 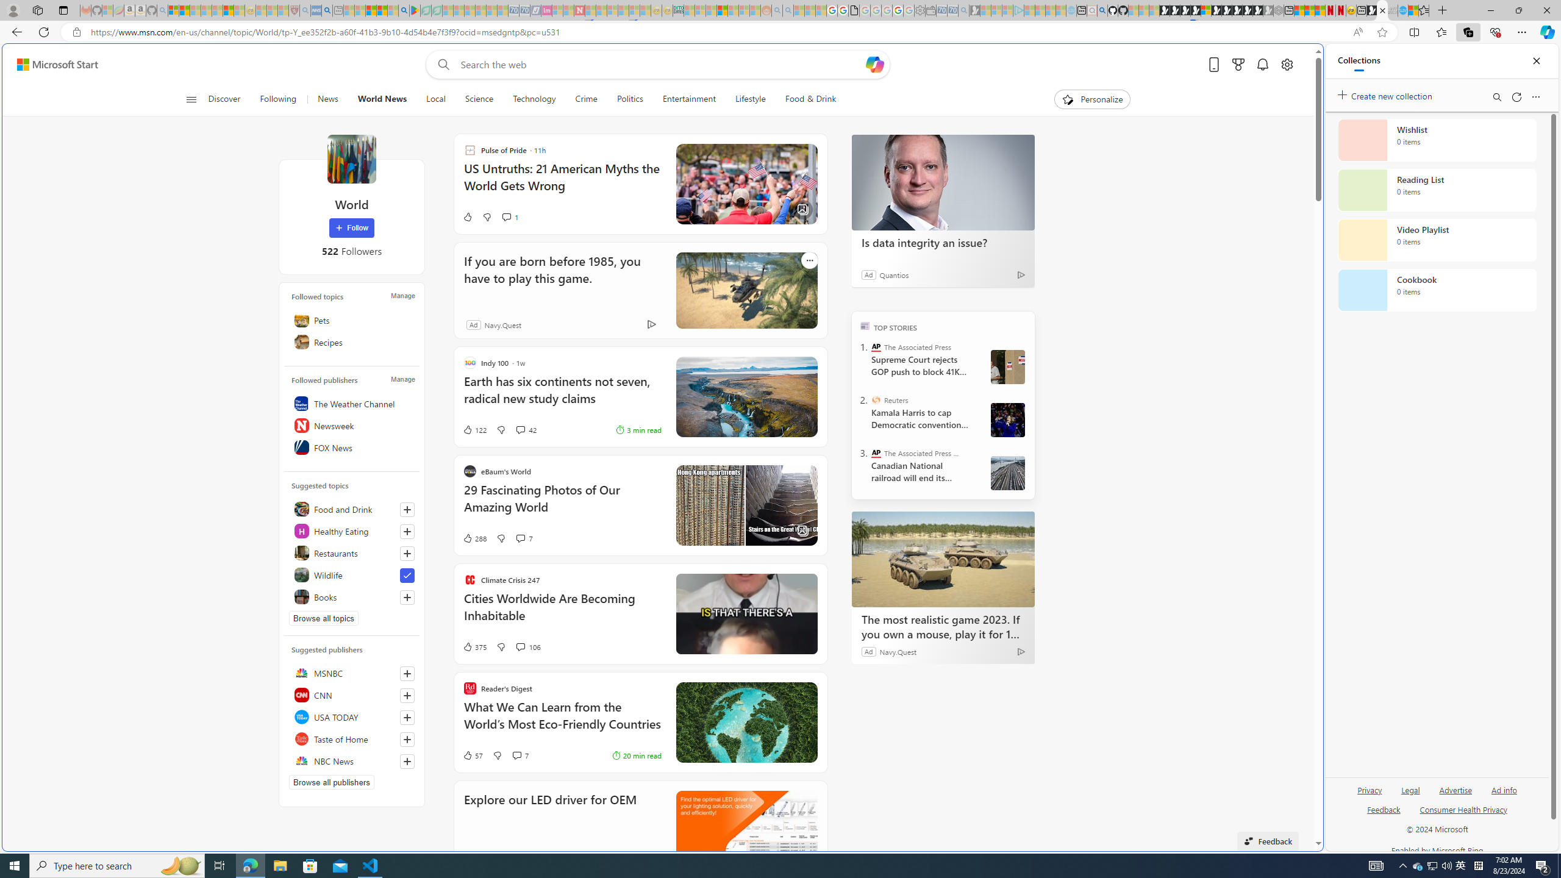 I want to click on 'Reuters', so click(x=875, y=399).